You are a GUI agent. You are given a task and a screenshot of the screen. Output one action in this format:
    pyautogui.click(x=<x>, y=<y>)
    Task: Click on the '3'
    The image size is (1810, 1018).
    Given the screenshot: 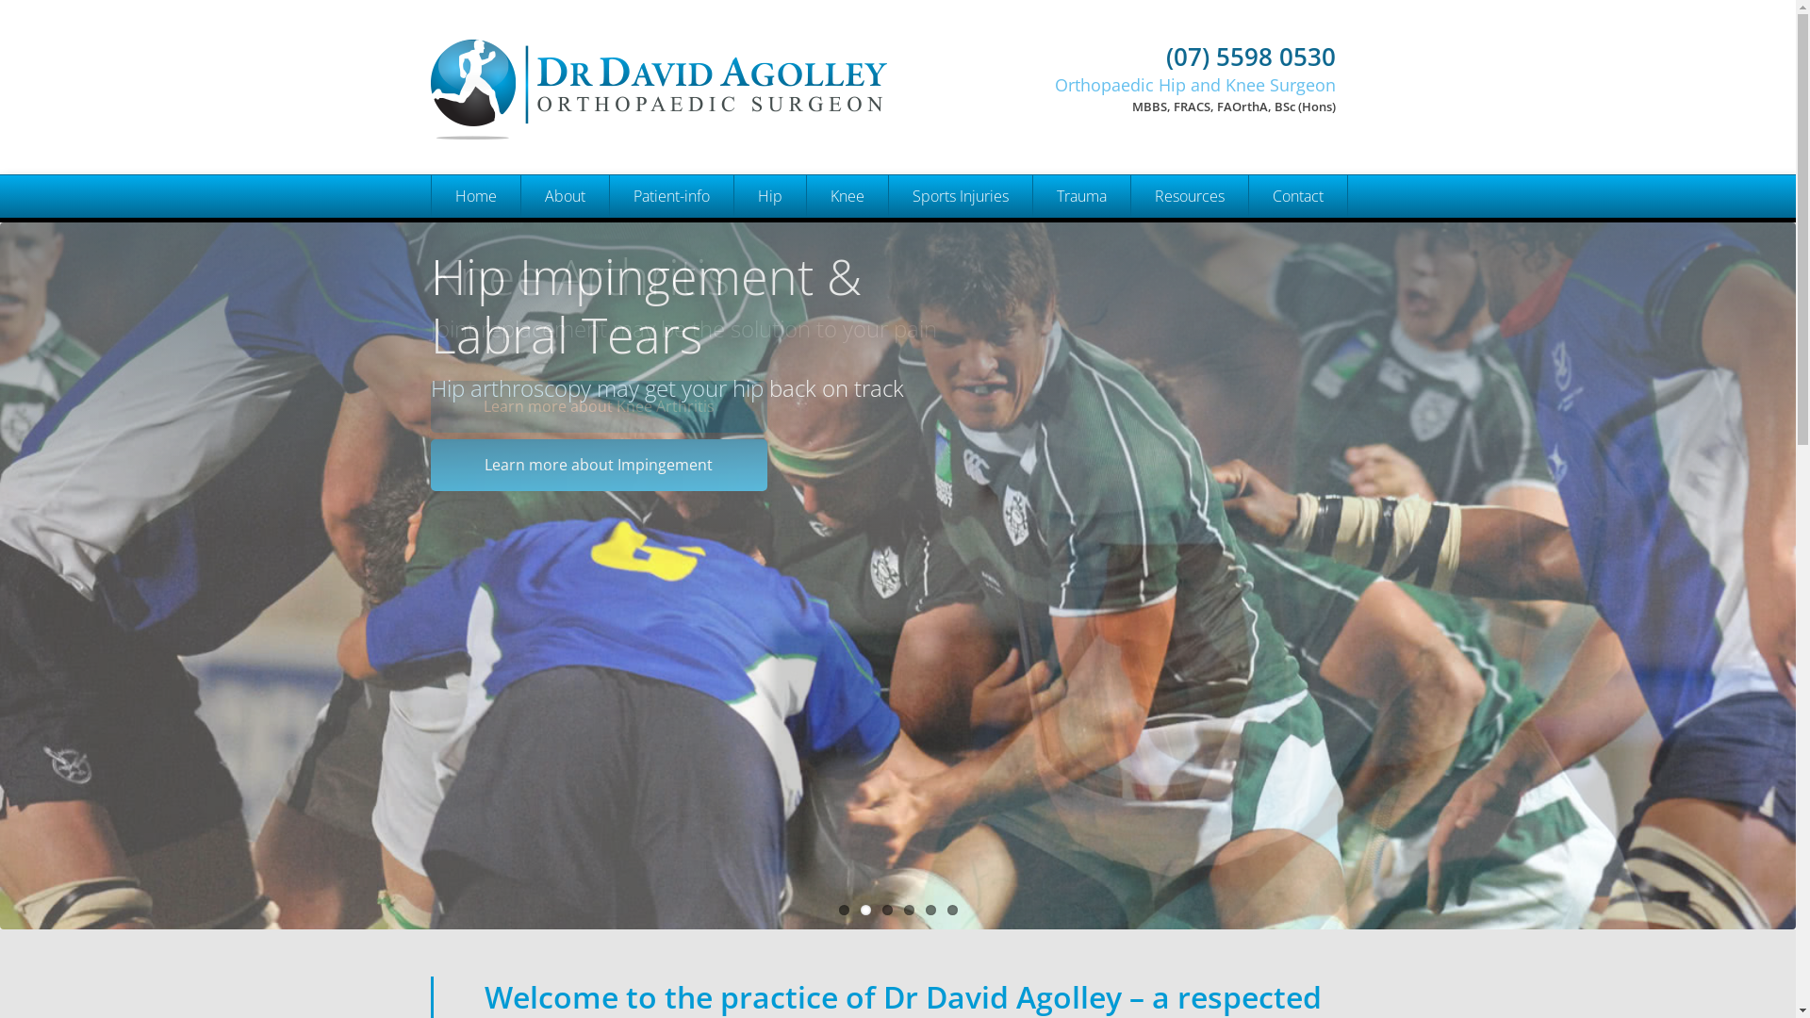 What is the action you would take?
    pyautogui.click(x=886, y=909)
    